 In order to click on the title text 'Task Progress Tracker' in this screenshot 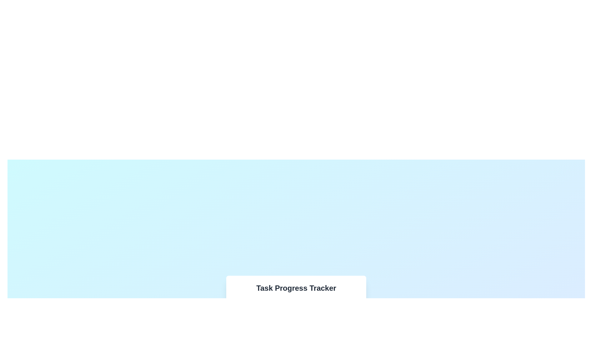, I will do `click(296, 288)`.